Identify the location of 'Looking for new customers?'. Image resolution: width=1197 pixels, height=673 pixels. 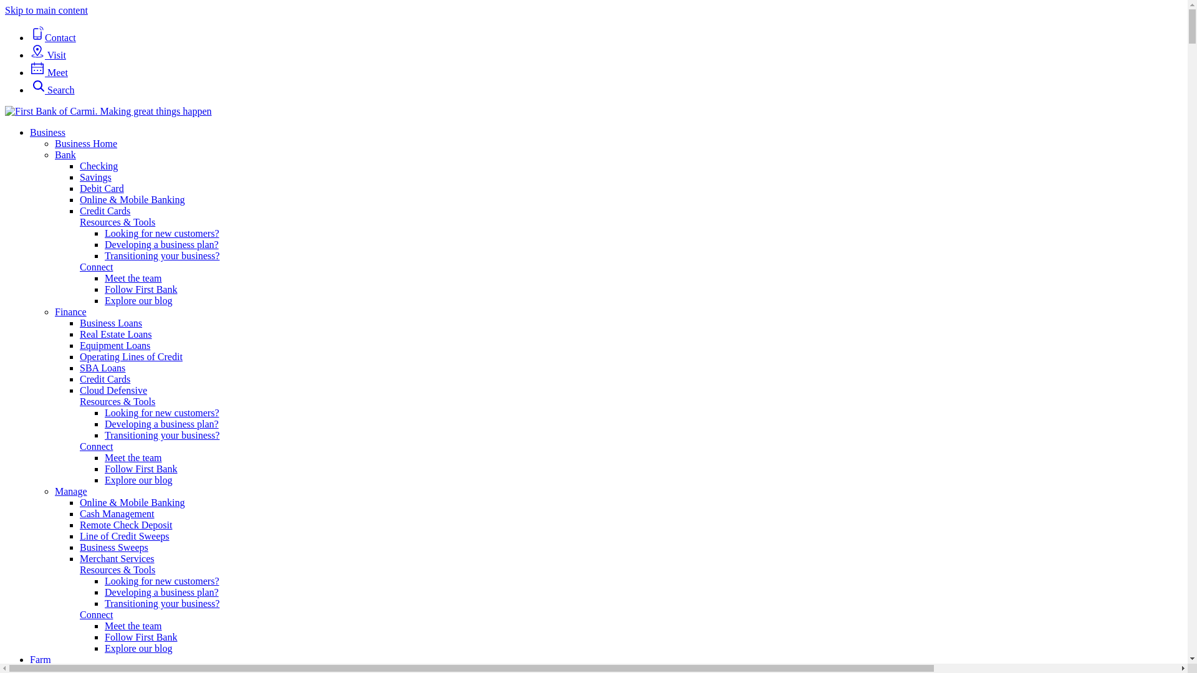
(161, 233).